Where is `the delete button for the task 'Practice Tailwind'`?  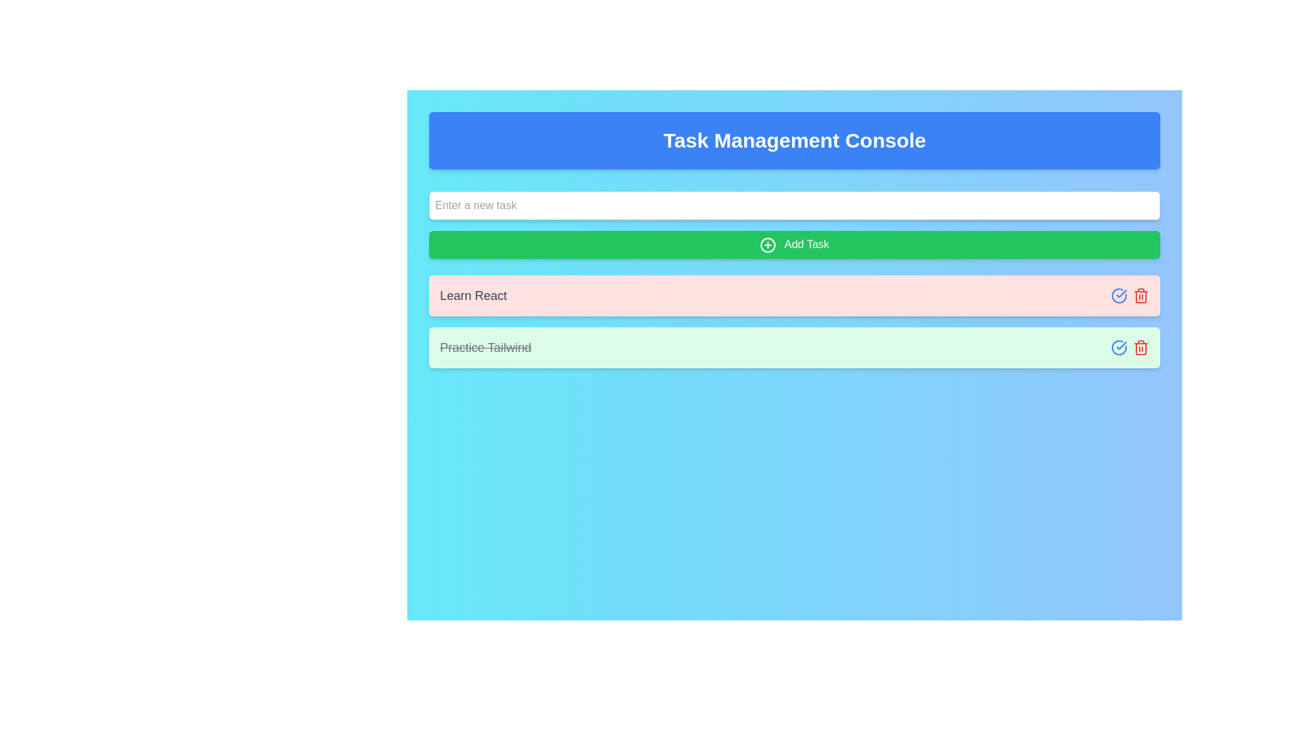
the delete button for the task 'Practice Tailwind' is located at coordinates (1141, 346).